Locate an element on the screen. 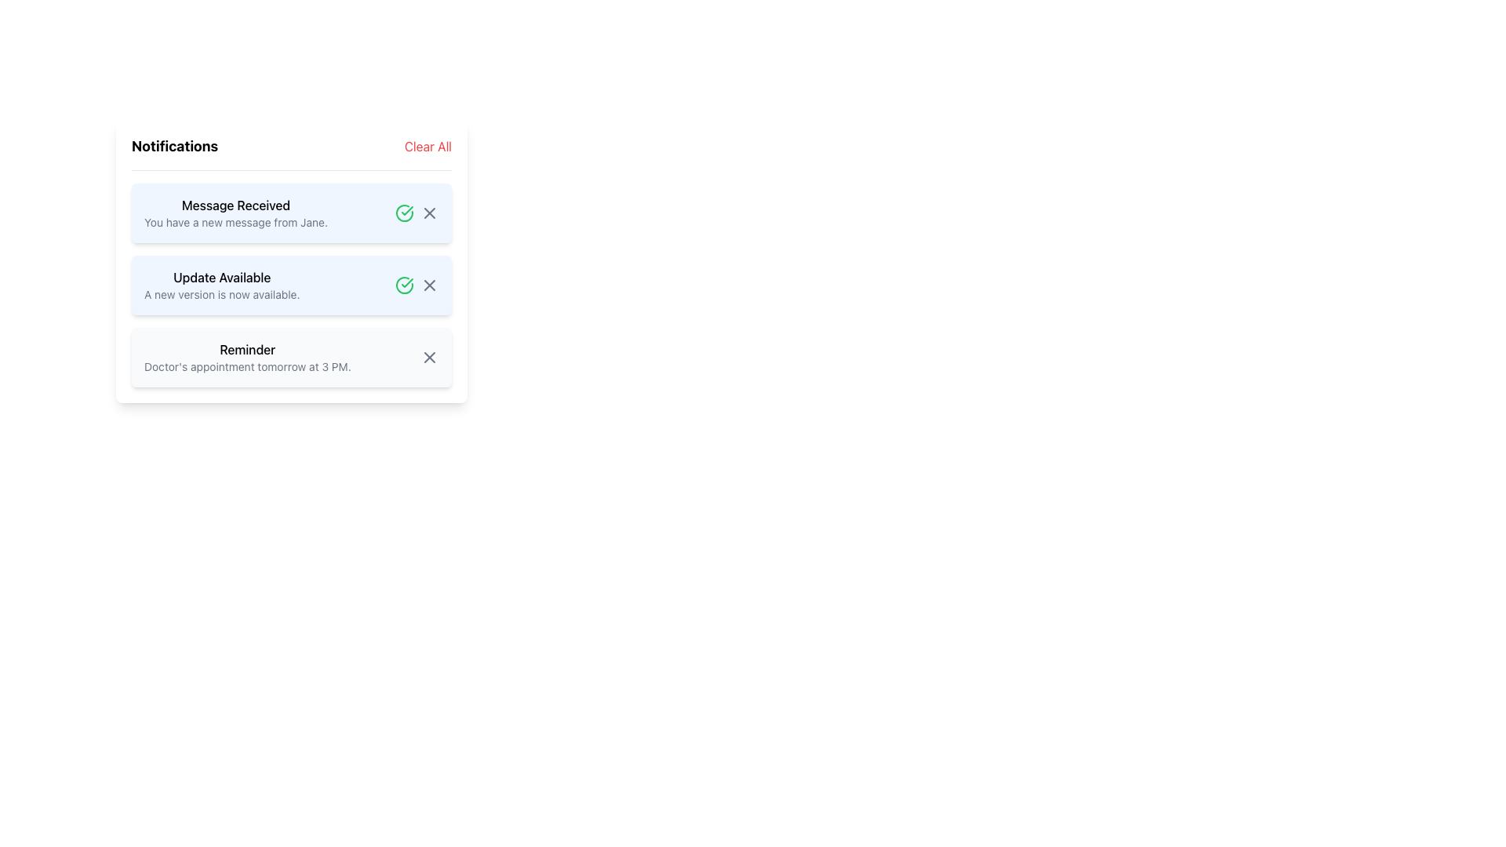 This screenshot has height=847, width=1506. the text label displaying 'You have a new message from Jane.' which is located beneath the heading 'Message Received' in the first notification item is located at coordinates (235, 223).